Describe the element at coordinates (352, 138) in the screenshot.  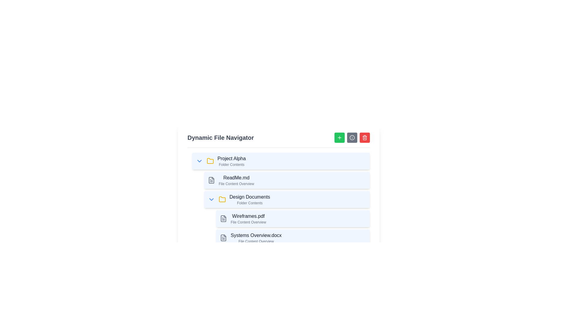
I see `the middle button in the button group with icons located at the top right section of the 'Dynamic File Navigator' interface` at that location.